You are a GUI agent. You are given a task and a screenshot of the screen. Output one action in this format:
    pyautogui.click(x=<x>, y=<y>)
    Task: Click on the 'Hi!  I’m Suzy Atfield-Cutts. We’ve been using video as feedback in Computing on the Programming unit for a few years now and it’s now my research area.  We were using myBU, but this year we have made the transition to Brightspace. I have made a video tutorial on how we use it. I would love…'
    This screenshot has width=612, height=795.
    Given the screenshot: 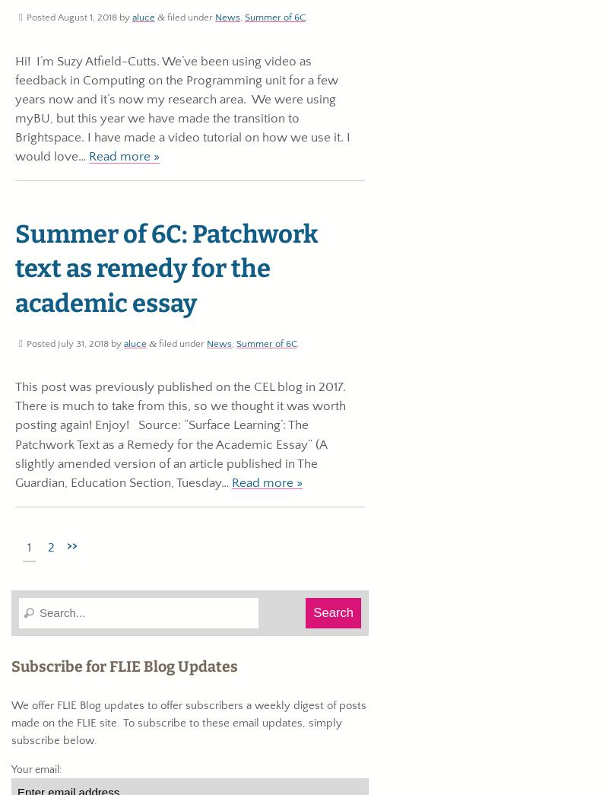 What is the action you would take?
    pyautogui.click(x=182, y=107)
    